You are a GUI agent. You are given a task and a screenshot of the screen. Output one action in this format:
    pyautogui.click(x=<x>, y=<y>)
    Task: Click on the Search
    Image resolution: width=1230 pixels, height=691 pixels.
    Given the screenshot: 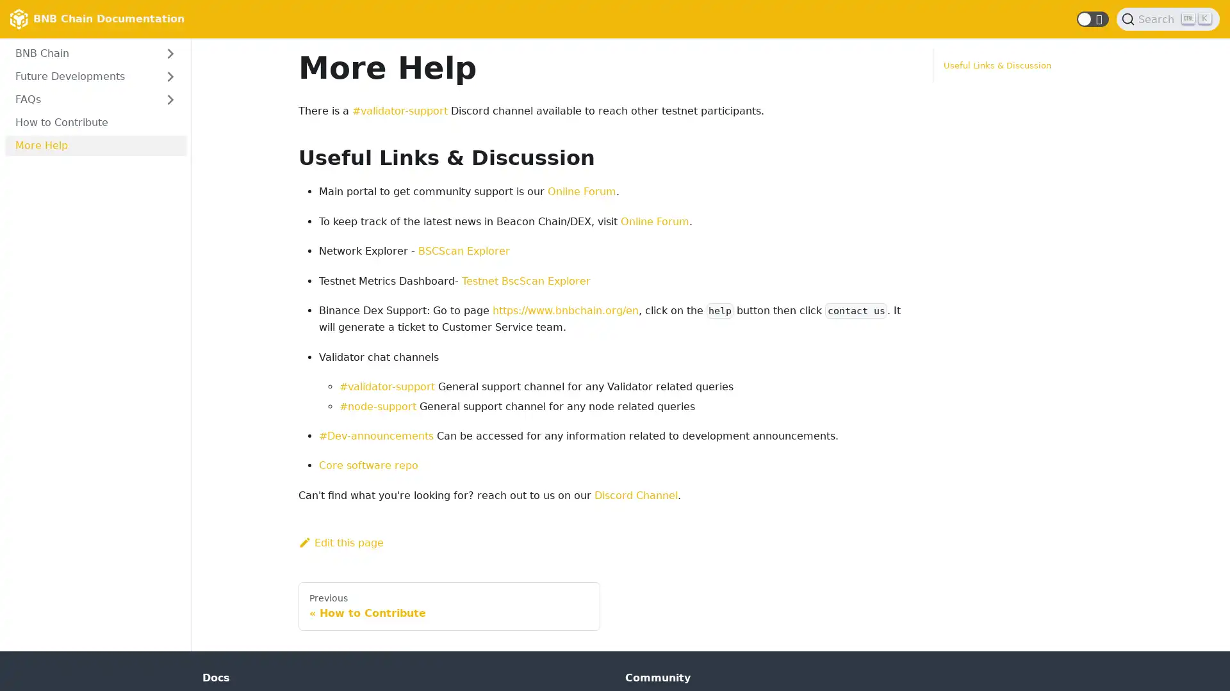 What is the action you would take?
    pyautogui.click(x=1168, y=19)
    